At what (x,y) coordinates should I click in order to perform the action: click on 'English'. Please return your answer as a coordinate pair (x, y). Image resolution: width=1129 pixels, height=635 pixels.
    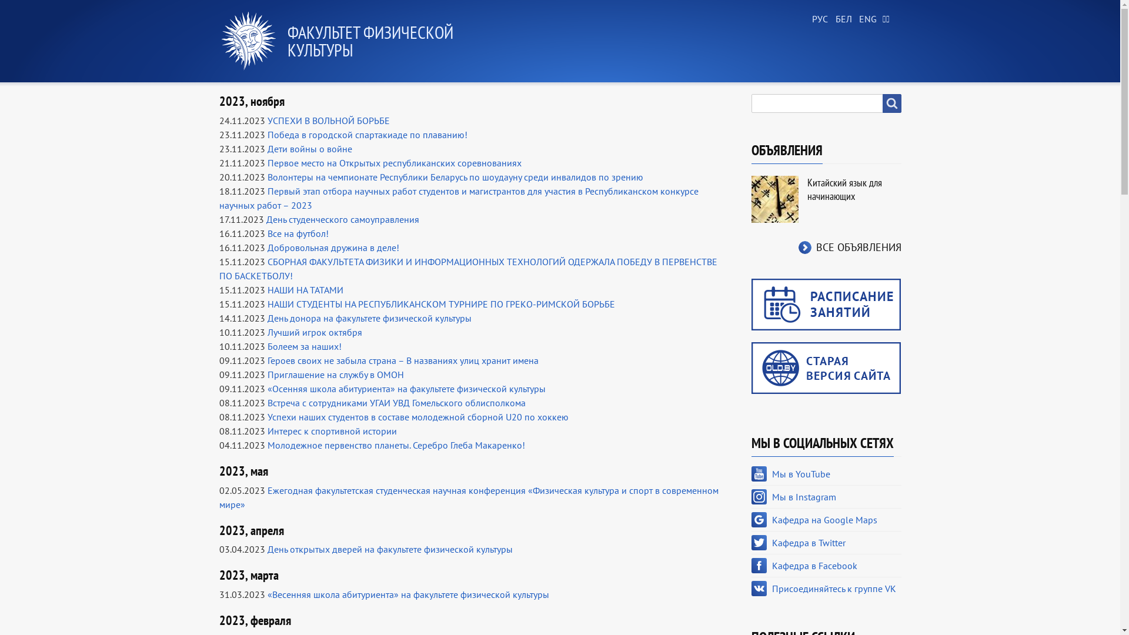
    Looking at the image, I should click on (866, 19).